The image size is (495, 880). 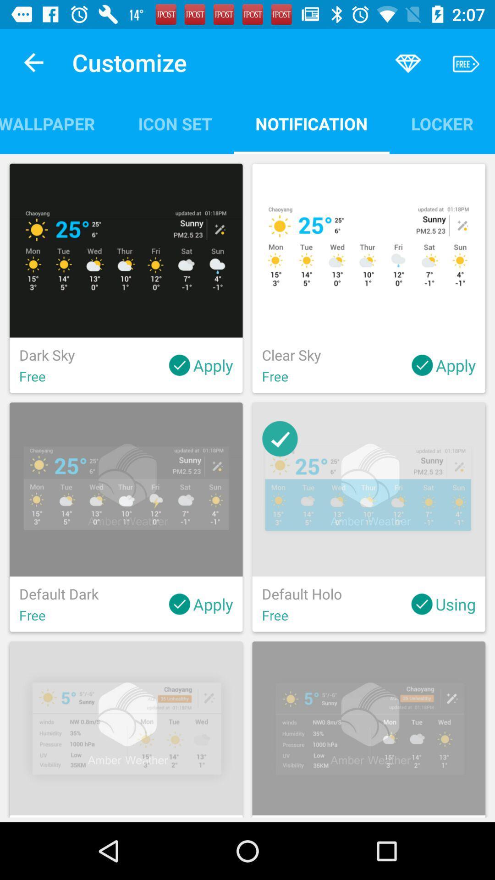 I want to click on the first image in the first row, so click(x=126, y=251).